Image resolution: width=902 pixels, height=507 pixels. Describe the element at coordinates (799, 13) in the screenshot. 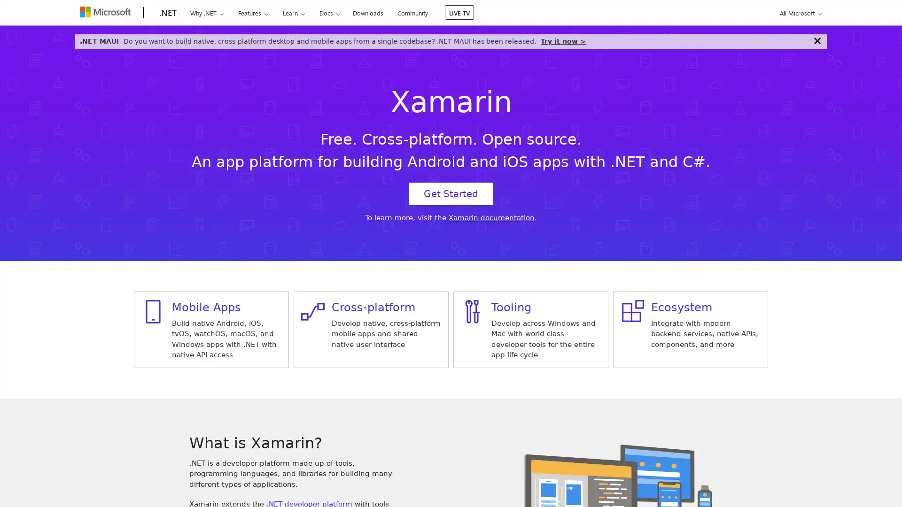

I see `All Microsoft expand to see list of Microsoft products and services` at that location.